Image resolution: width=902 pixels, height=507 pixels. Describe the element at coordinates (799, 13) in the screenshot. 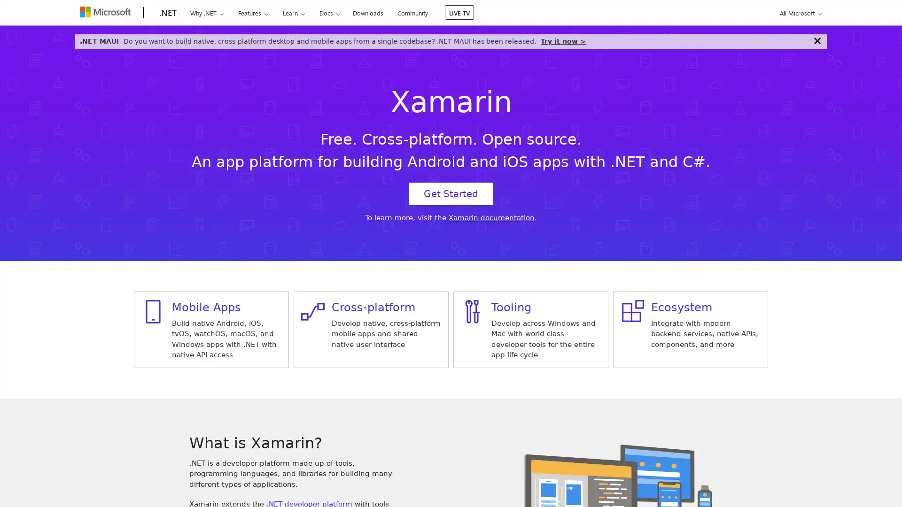

I see `All Microsoft expand to see list of Microsoft products and services` at that location.